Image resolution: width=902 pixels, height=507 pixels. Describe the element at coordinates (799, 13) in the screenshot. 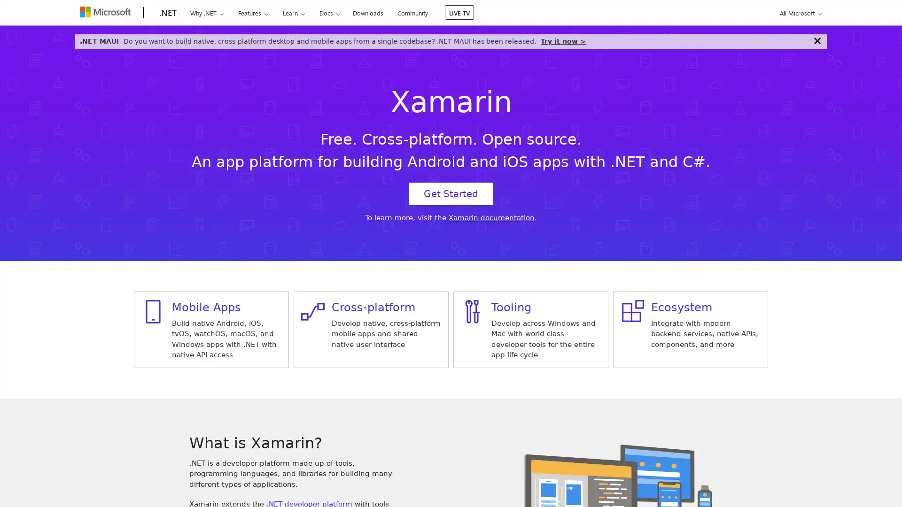

I see `All Microsoft expand to see list of Microsoft products and services` at that location.